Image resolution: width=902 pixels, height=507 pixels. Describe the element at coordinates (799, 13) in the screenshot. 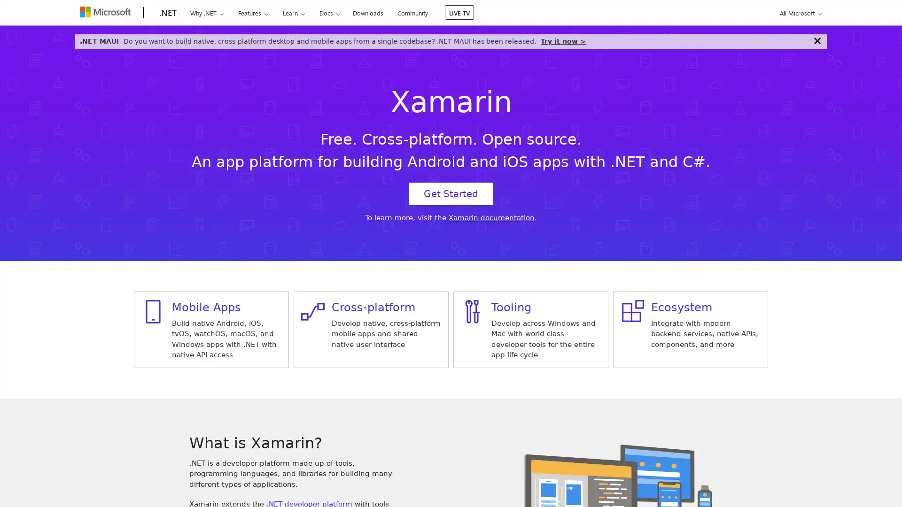

I see `All Microsoft expand to see list of Microsoft products and services` at that location.